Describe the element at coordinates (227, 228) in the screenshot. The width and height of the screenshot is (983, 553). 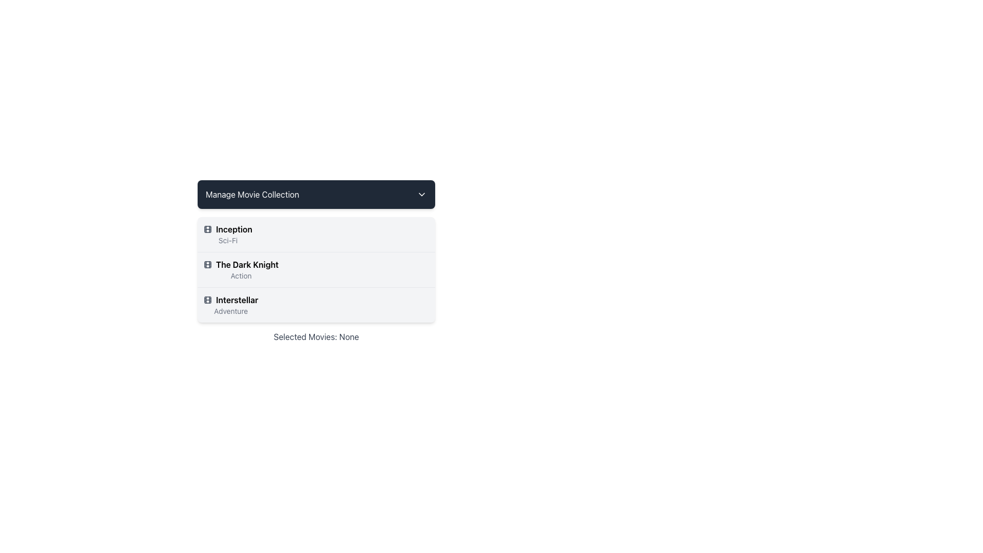
I see `the 'Inception' text label, which is the first row of text in the 'Manage Movie Collection' section` at that location.